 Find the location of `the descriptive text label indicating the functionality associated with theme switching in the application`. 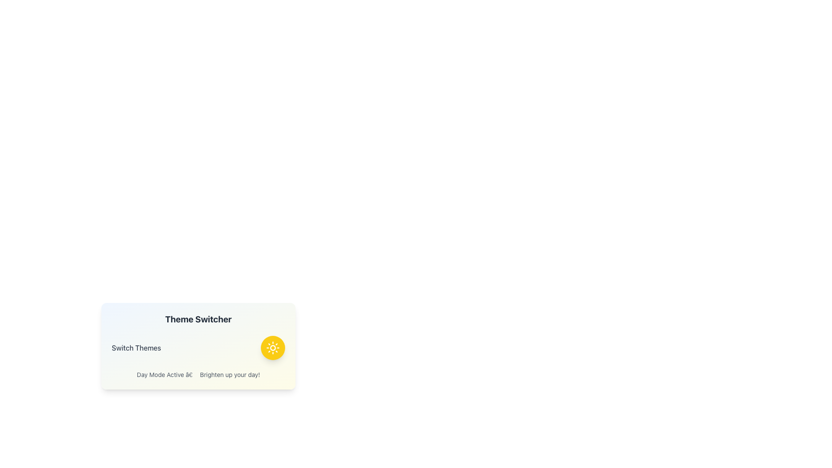

the descriptive text label indicating the functionality associated with theme switching in the application is located at coordinates (136, 347).